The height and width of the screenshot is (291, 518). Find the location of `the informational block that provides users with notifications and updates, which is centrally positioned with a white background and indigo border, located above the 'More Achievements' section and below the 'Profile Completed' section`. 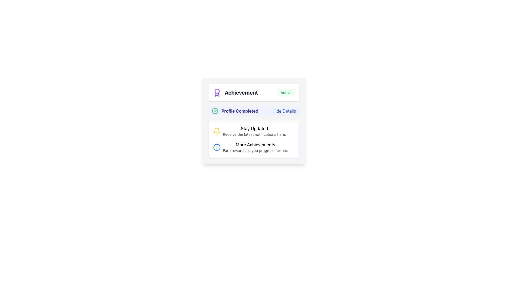

the informational block that provides users with notifications and updates, which is centrally positioned with a white background and indigo border, located above the 'More Achievements' section and below the 'Profile Completed' section is located at coordinates (253, 131).